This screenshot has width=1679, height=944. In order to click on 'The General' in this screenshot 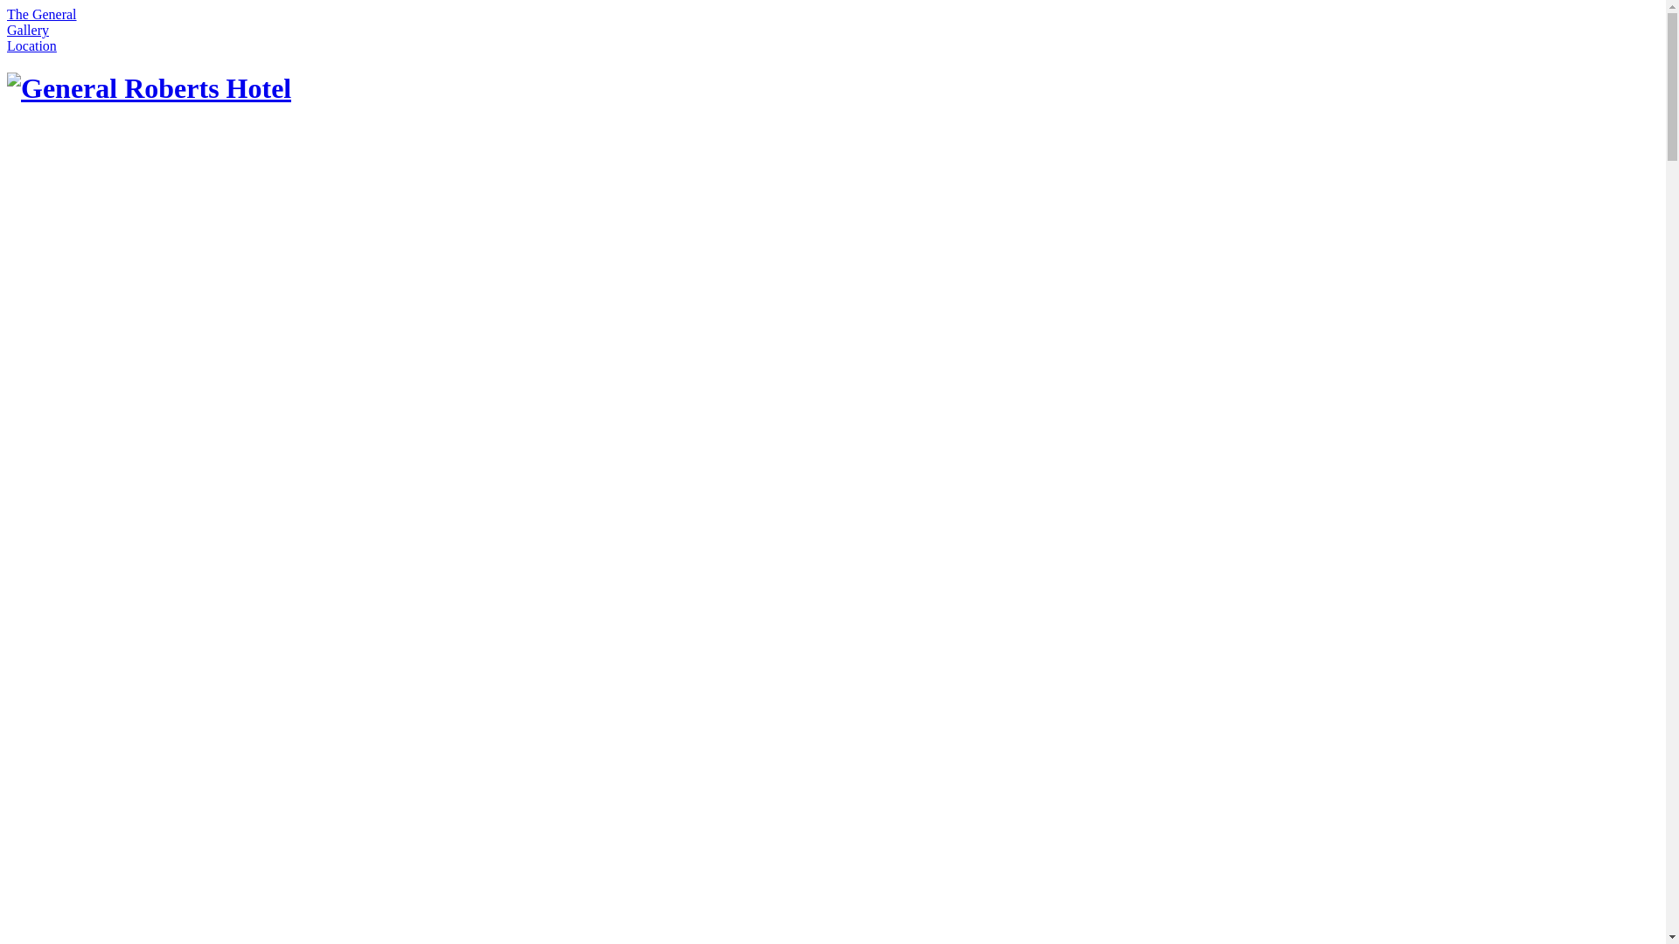, I will do `click(42, 14)`.